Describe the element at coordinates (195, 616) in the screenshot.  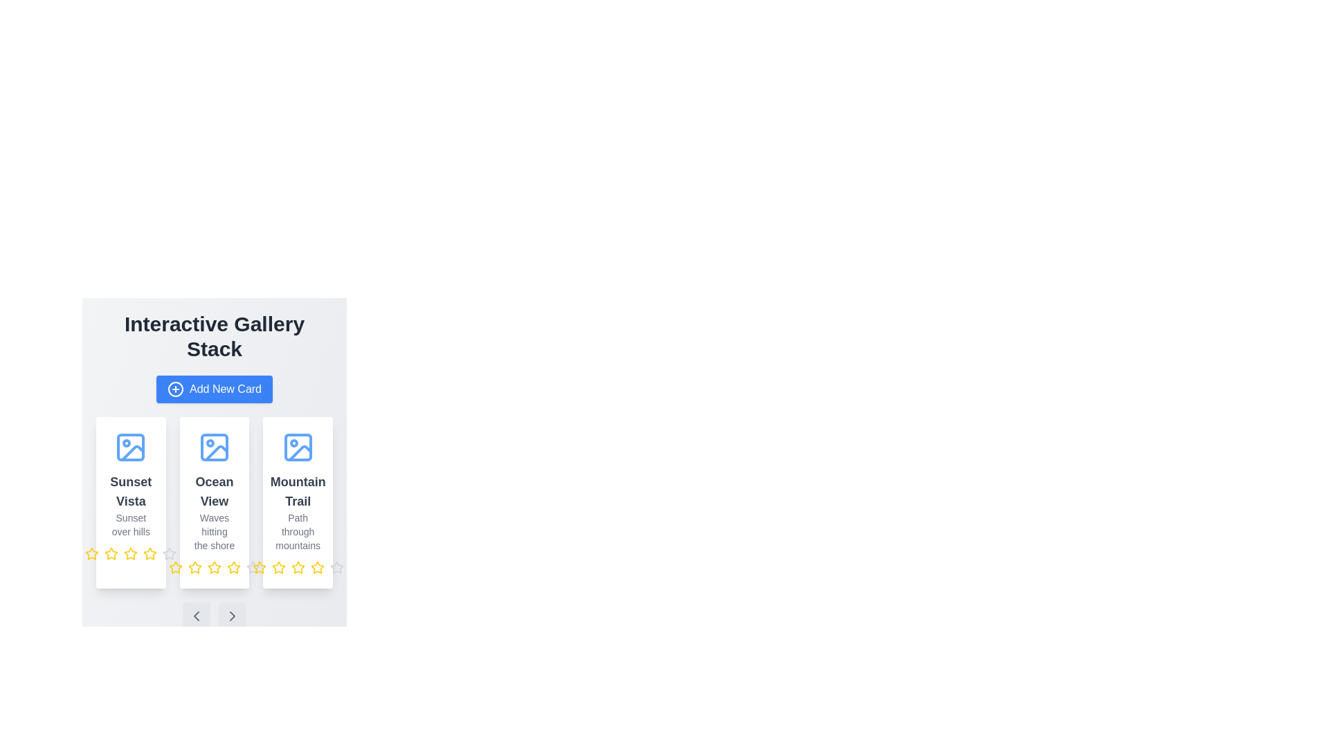
I see `the left arrow icon for navigation located at the bottom of the interface` at that location.